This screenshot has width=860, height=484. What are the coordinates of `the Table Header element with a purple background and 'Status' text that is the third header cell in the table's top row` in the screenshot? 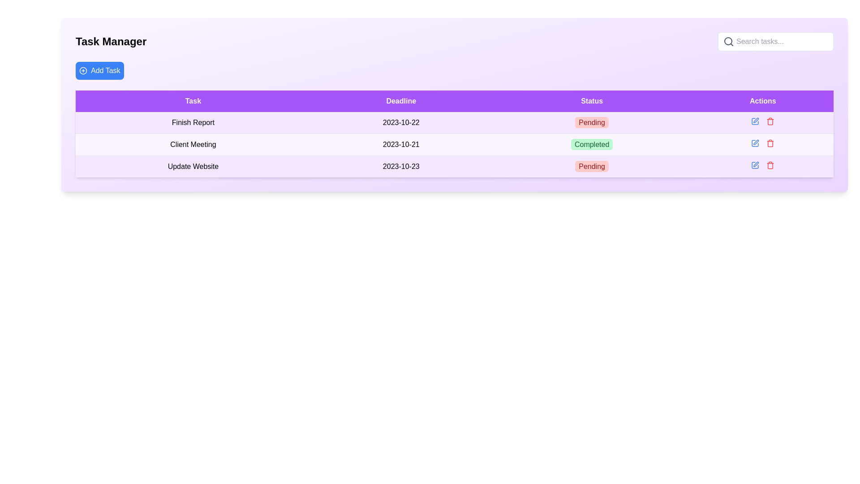 It's located at (592, 101).